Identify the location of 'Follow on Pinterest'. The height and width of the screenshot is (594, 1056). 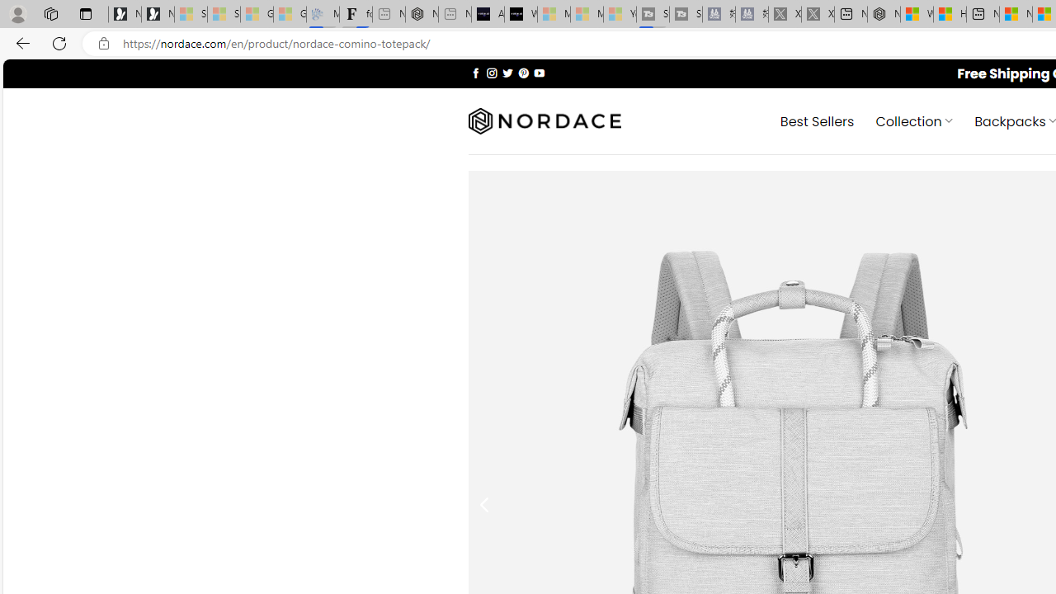
(522, 72).